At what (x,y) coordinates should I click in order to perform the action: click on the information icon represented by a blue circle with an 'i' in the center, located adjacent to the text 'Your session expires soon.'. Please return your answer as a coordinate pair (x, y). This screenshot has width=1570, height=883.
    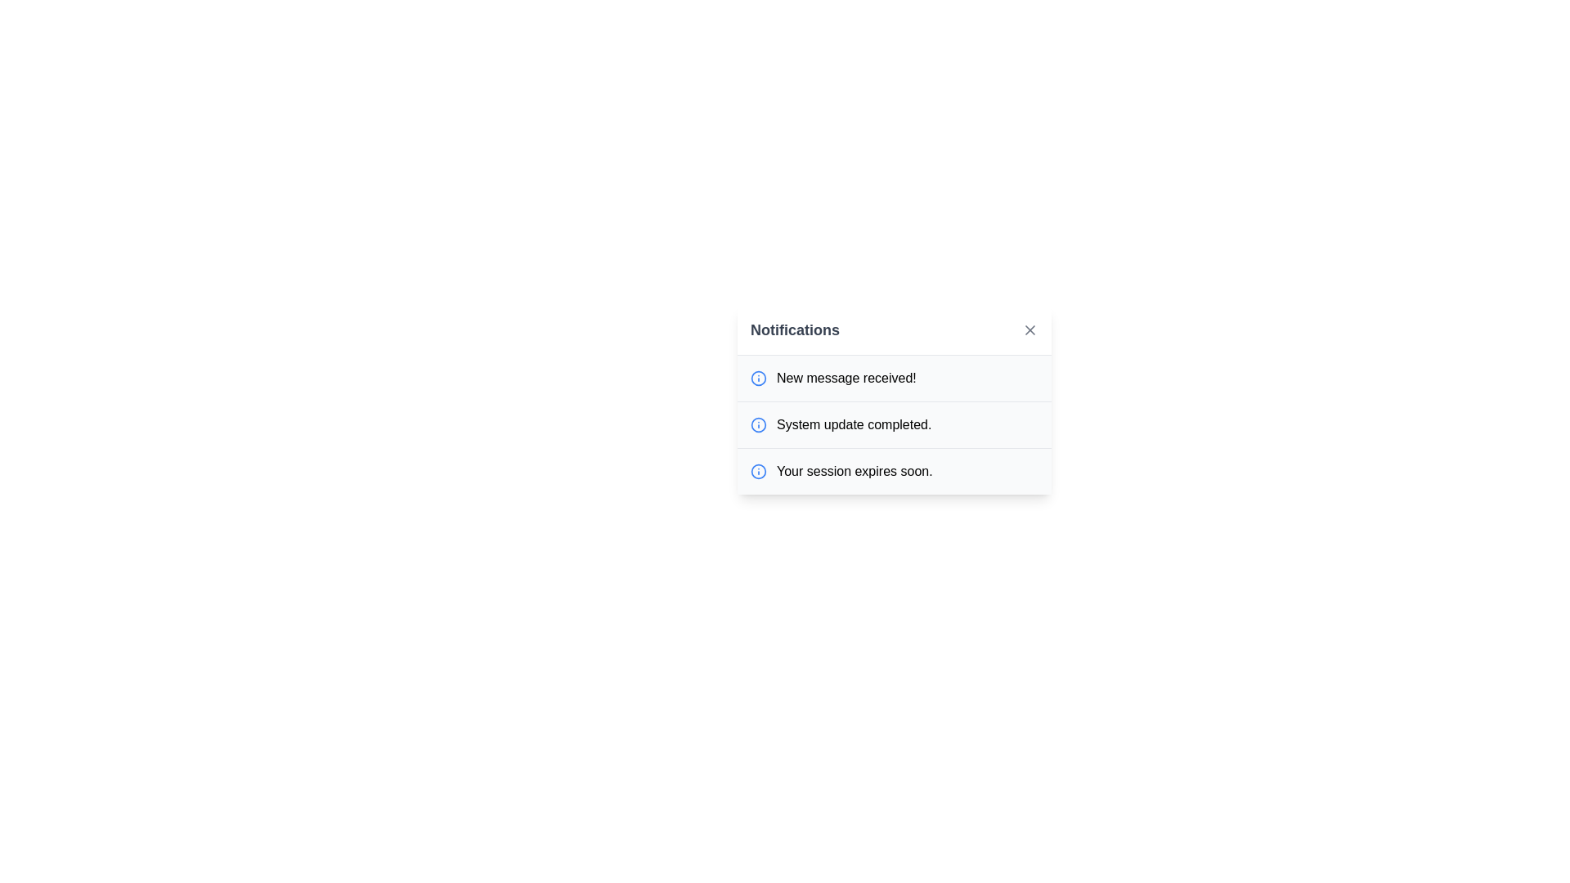
    Looking at the image, I should click on (757, 472).